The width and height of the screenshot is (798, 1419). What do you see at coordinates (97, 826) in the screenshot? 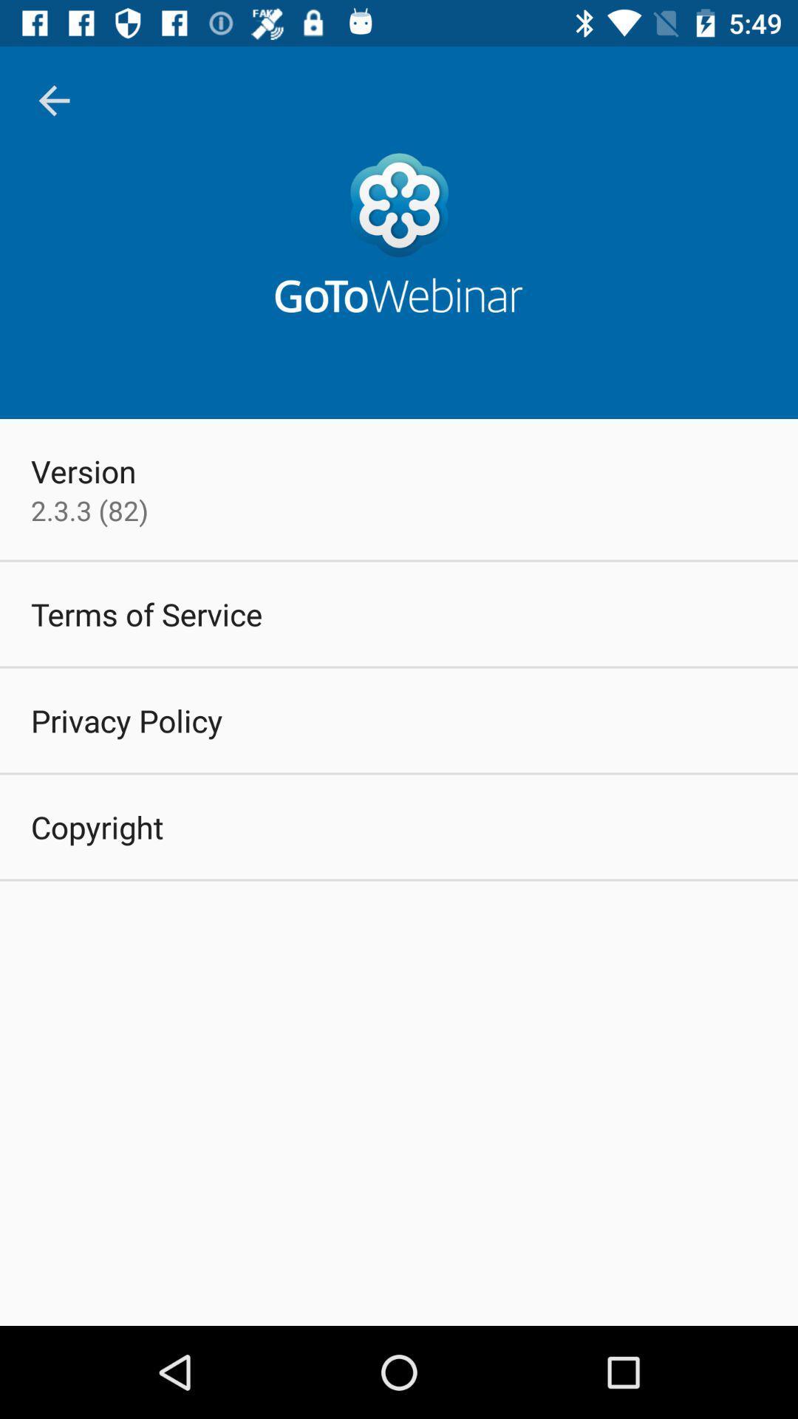
I see `the item below the privacy policy` at bounding box center [97, 826].